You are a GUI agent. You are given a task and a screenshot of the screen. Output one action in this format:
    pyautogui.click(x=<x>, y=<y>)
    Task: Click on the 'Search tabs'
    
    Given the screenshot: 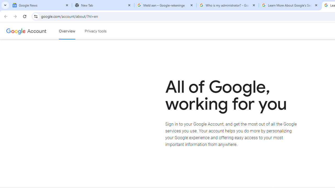 What is the action you would take?
    pyautogui.click(x=5, y=5)
    